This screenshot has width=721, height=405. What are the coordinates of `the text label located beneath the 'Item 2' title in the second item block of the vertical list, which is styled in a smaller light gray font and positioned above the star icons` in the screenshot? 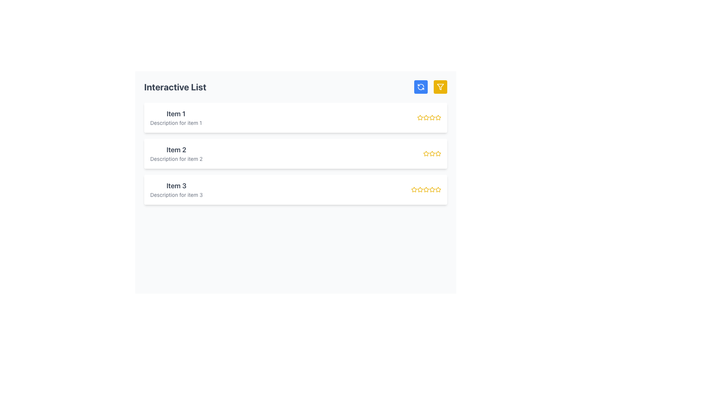 It's located at (176, 159).